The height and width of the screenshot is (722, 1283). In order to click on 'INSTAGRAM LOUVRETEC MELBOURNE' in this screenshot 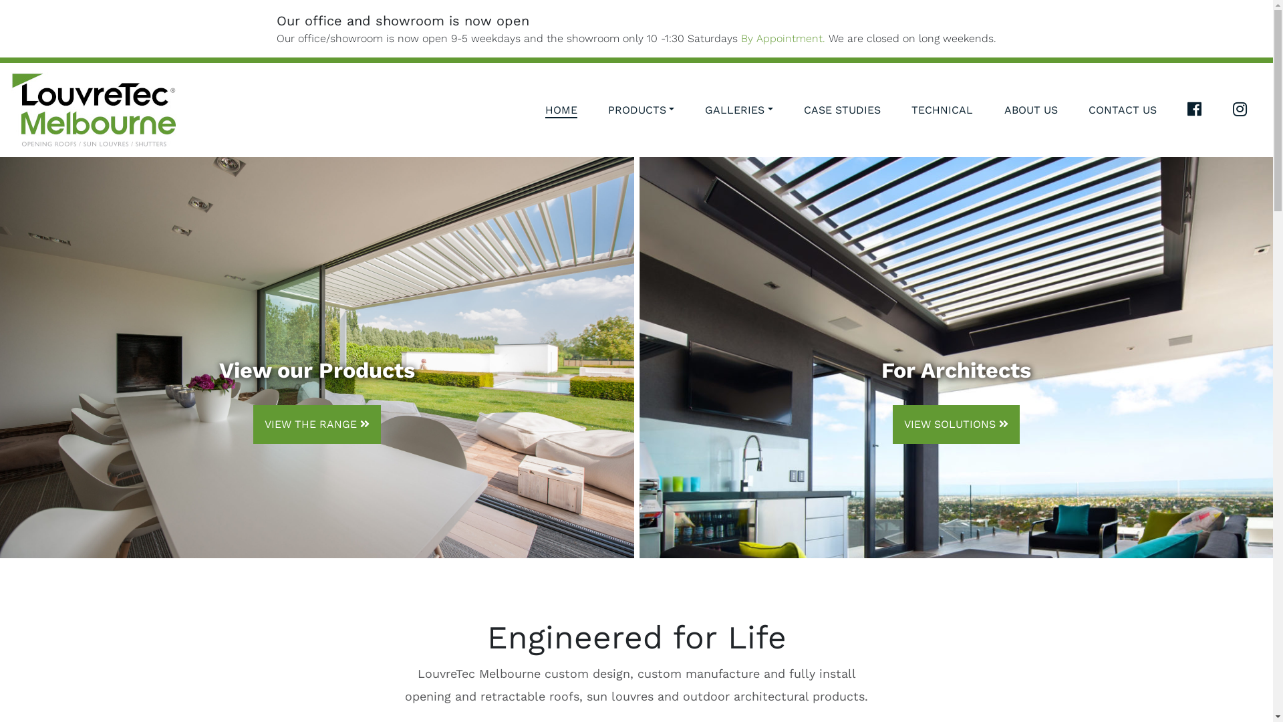, I will do `click(1239, 109)`.